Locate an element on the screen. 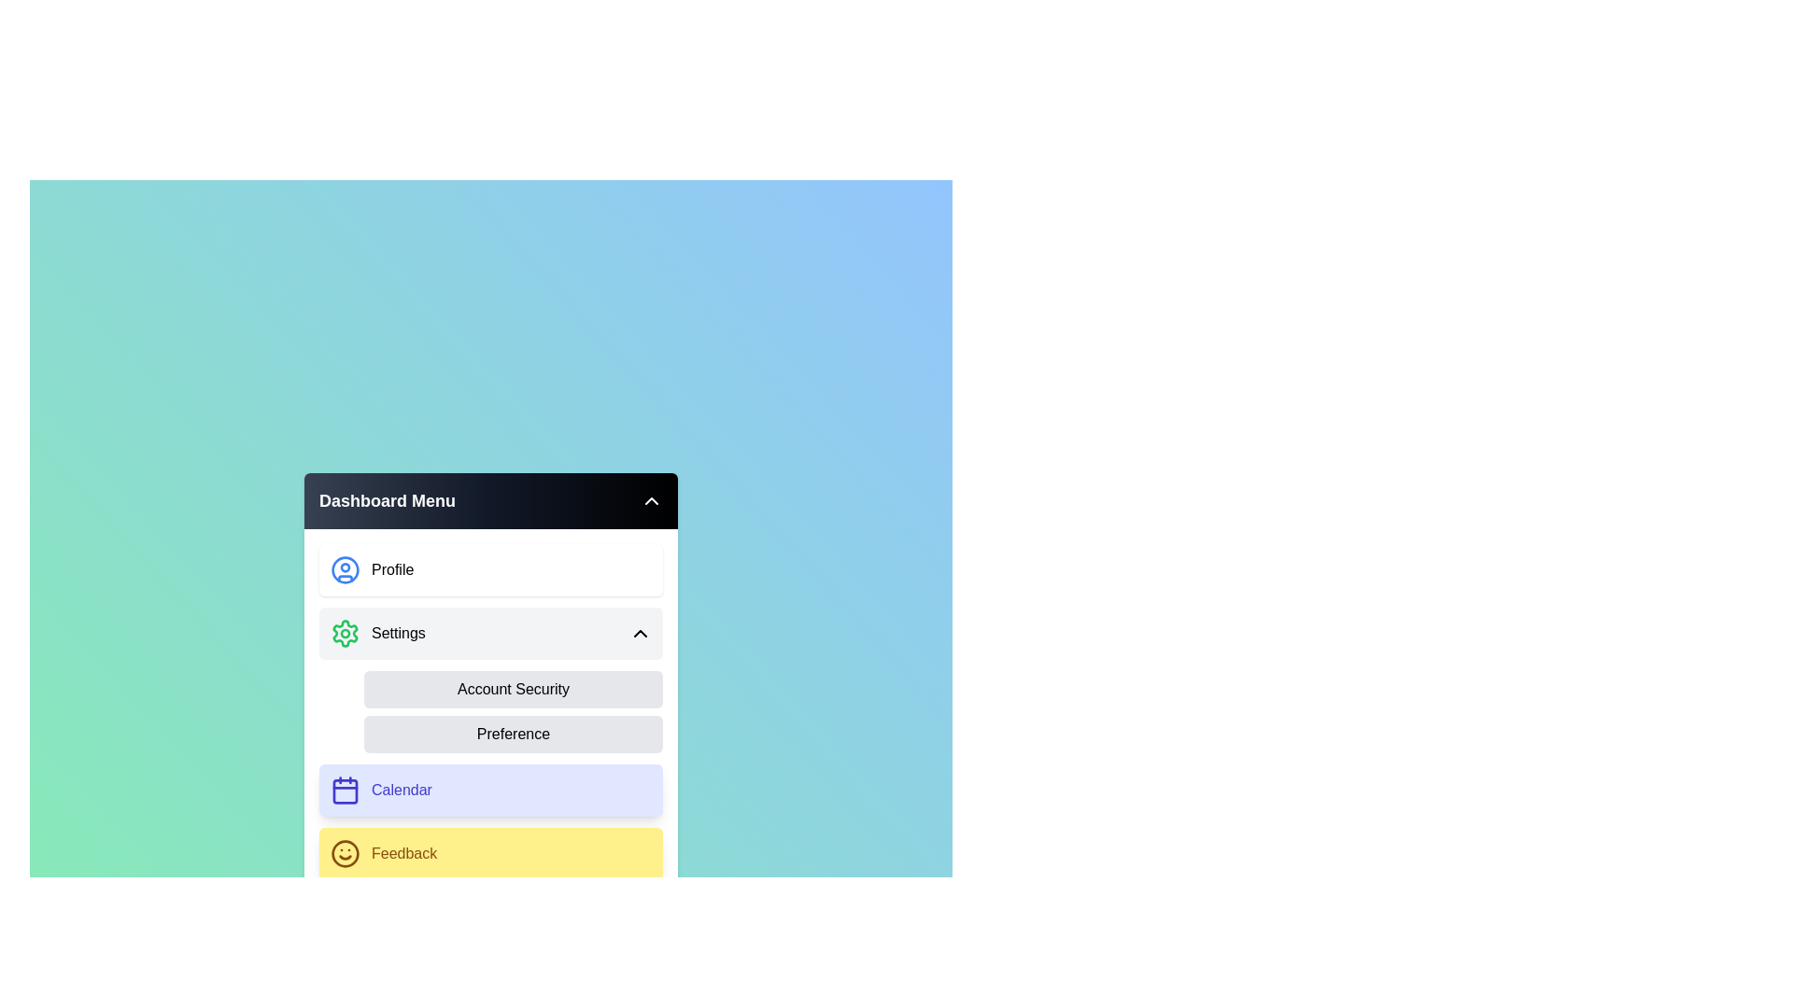  the 'Account Security' button located in the submenu under the 'Settings' category is located at coordinates (491, 712).